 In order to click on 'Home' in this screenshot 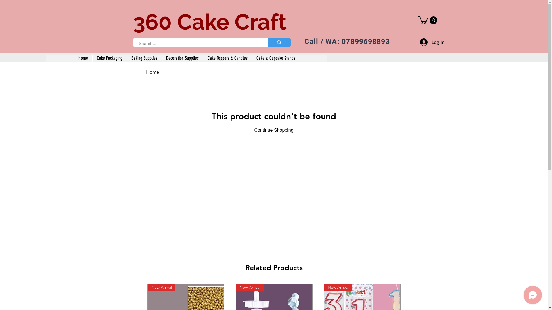, I will do `click(152, 71)`.